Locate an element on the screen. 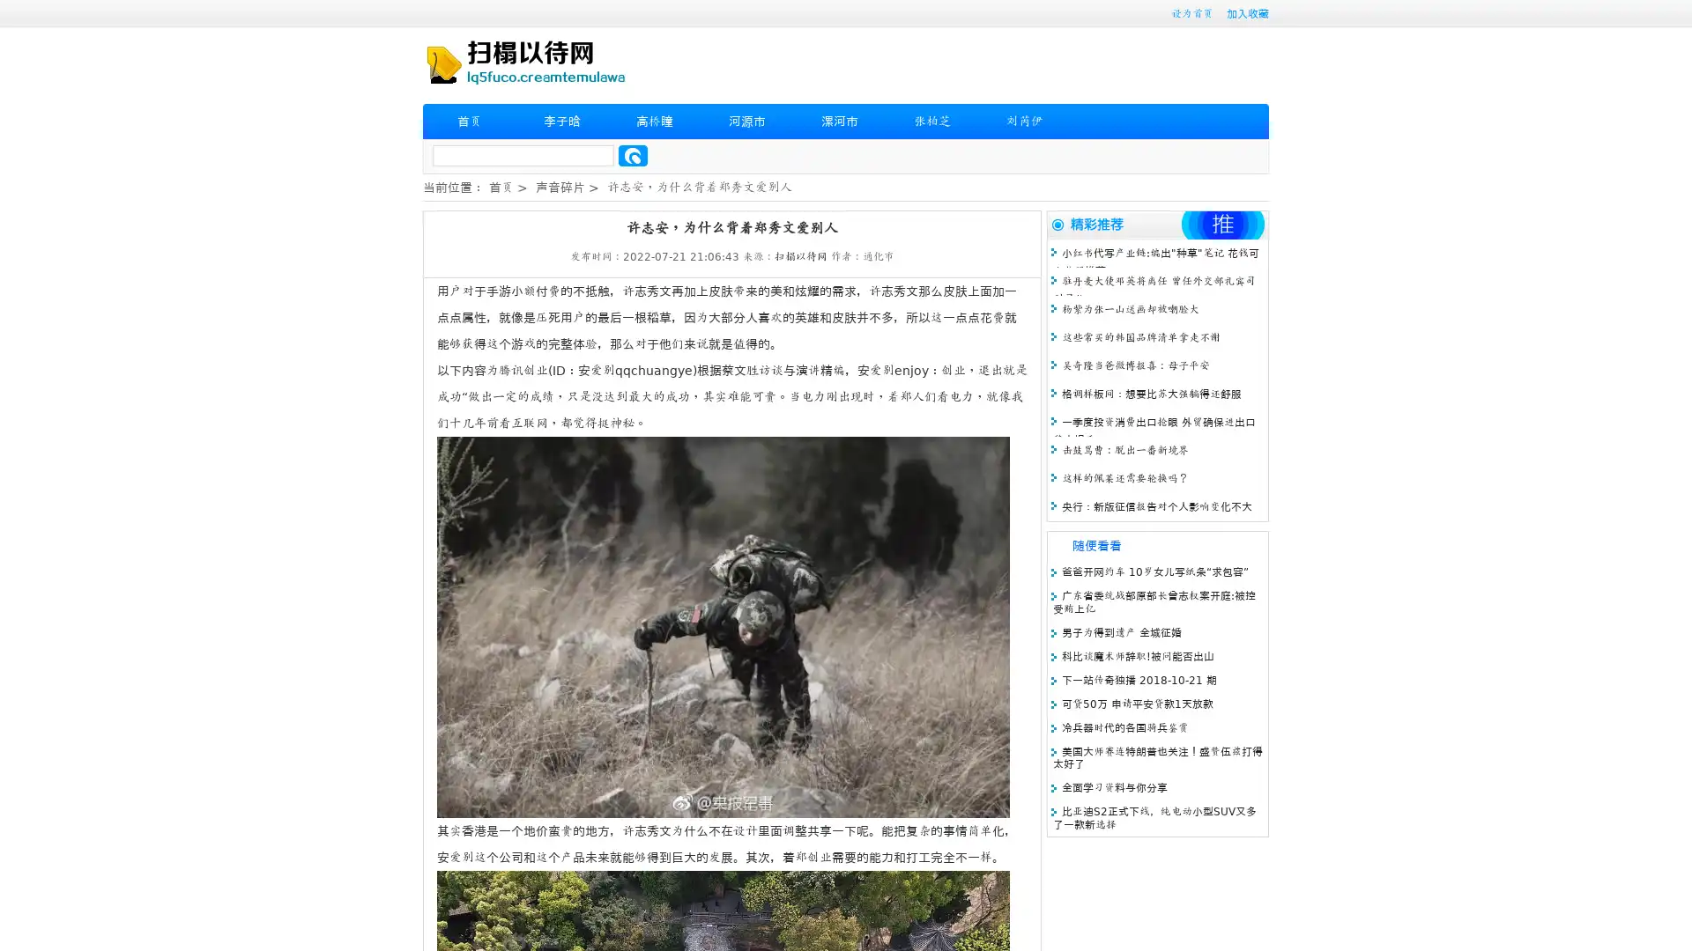  Search is located at coordinates (633, 155).